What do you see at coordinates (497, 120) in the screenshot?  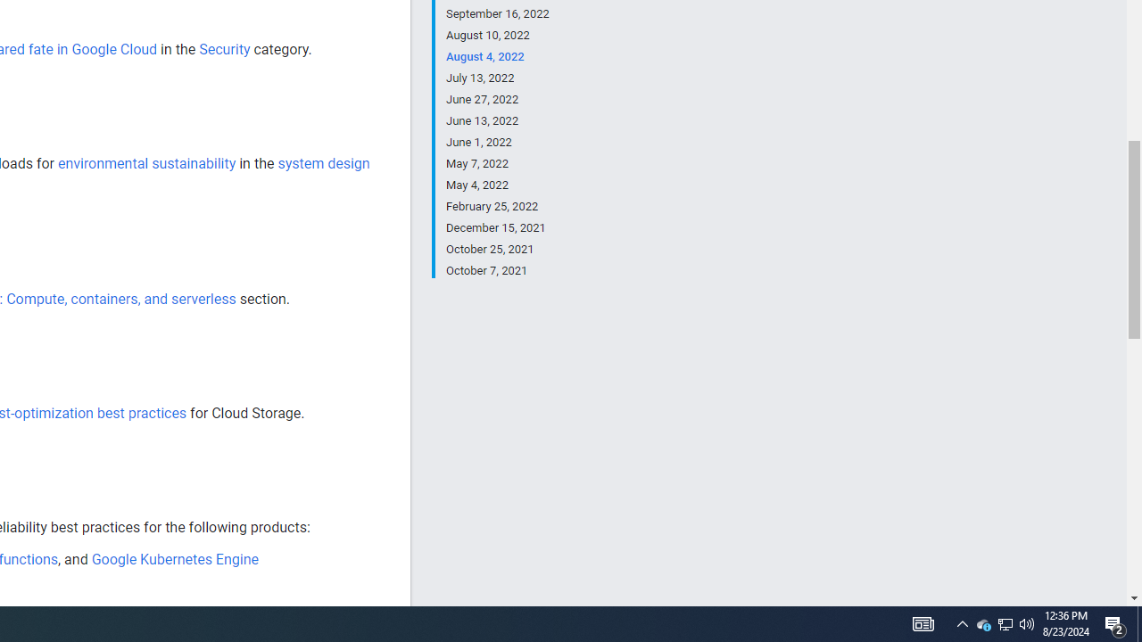 I see `'June 13, 2022'` at bounding box center [497, 120].